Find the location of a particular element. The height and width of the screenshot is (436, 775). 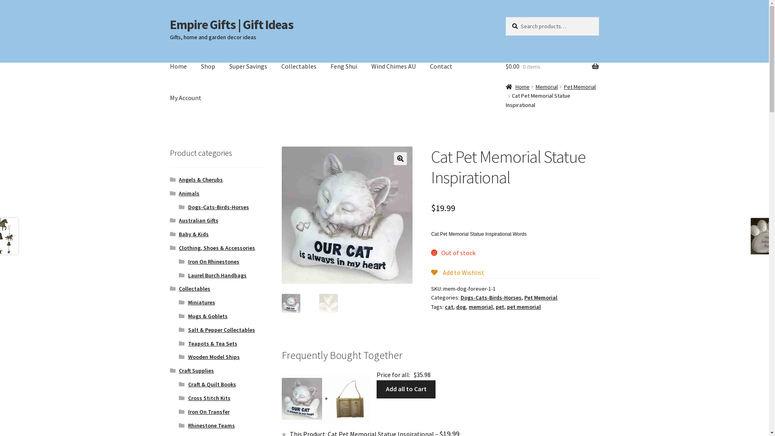

'Skip to navigation' is located at coordinates (169, 17).